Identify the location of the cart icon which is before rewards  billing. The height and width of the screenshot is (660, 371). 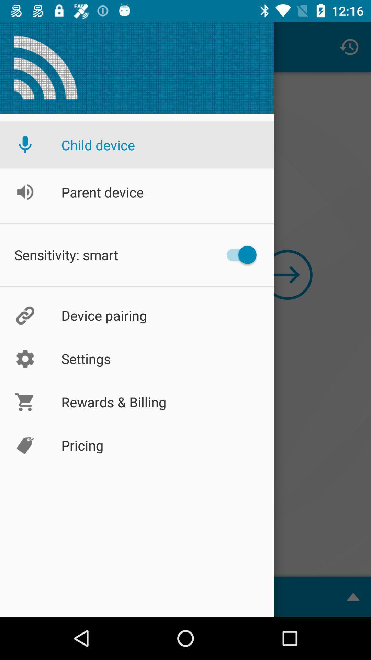
(25, 402).